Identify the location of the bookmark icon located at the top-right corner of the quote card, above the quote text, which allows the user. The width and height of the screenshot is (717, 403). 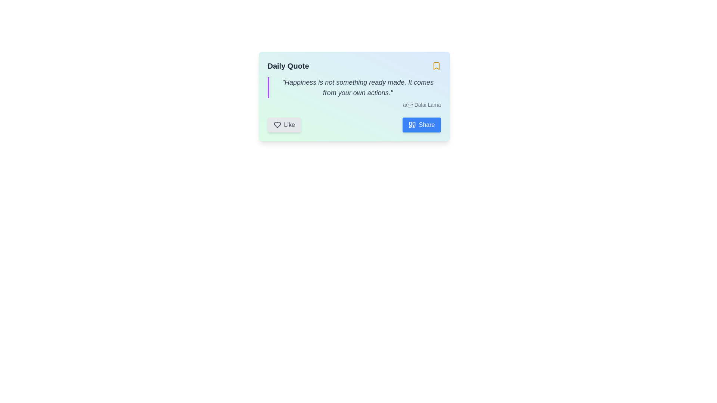
(436, 66).